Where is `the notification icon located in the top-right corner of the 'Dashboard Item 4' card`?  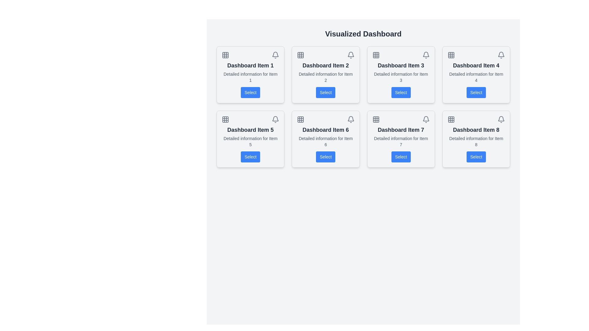
the notification icon located in the top-right corner of the 'Dashboard Item 4' card is located at coordinates (501, 54).